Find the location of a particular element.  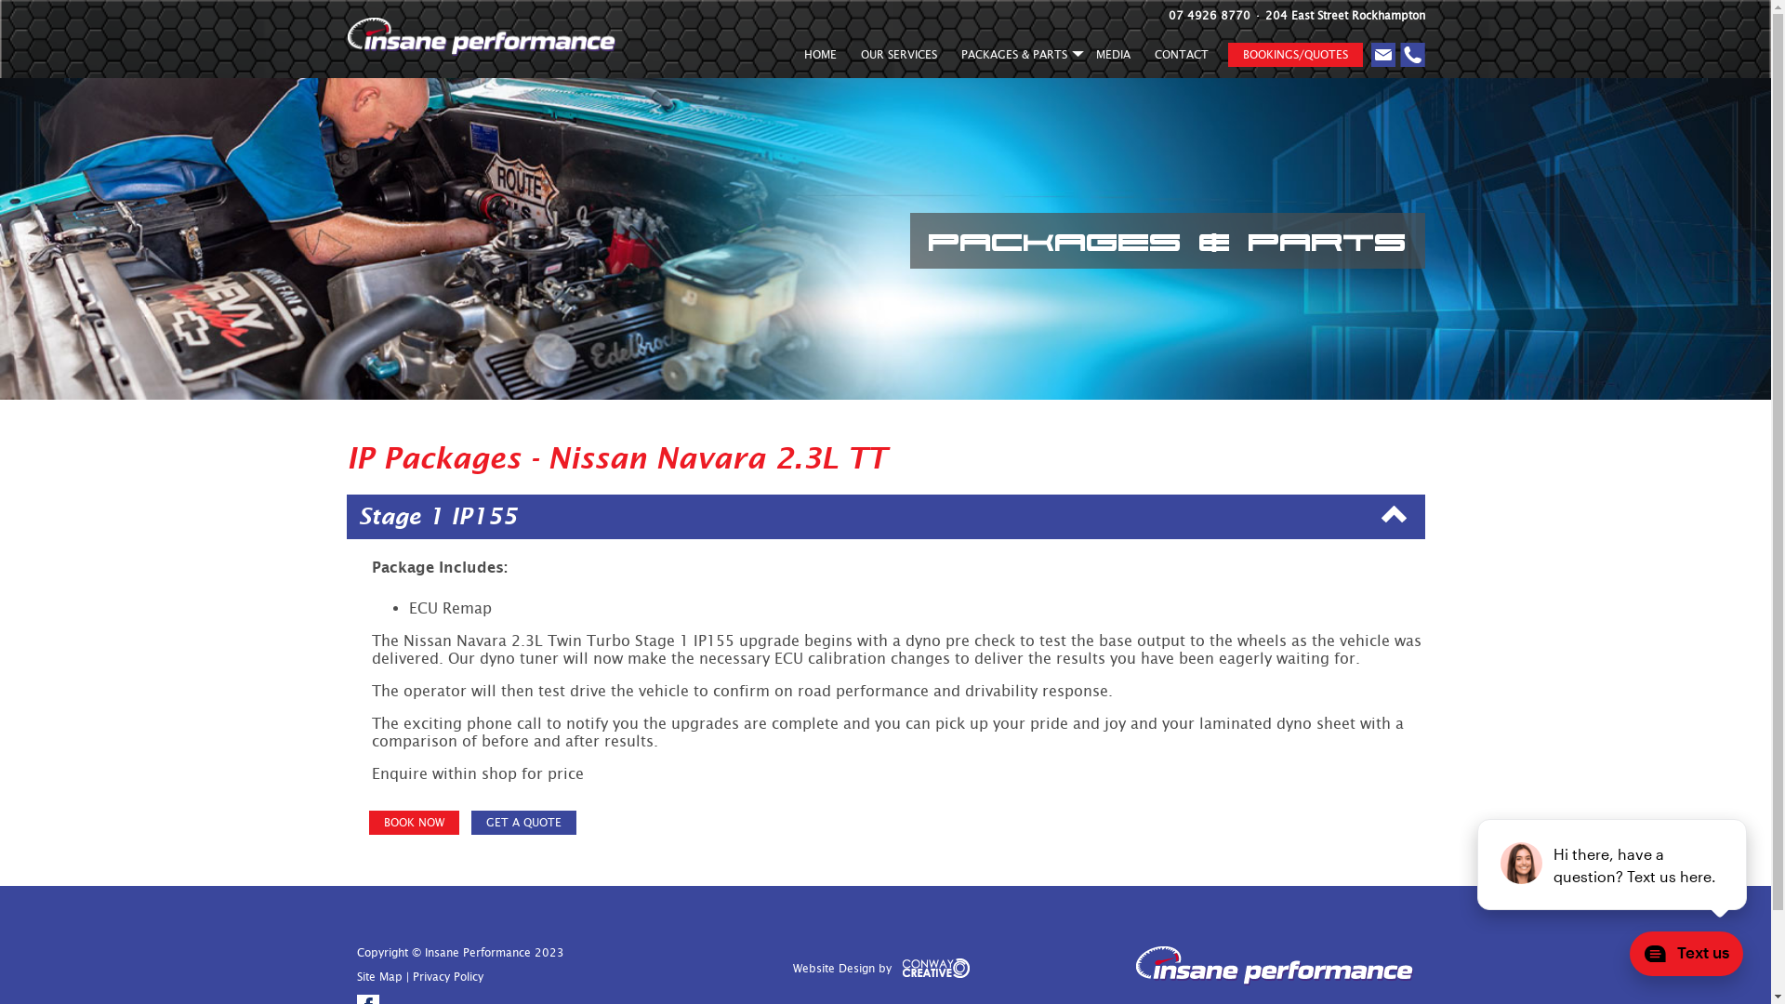

'PACKAGES & PARTS' is located at coordinates (1014, 57).